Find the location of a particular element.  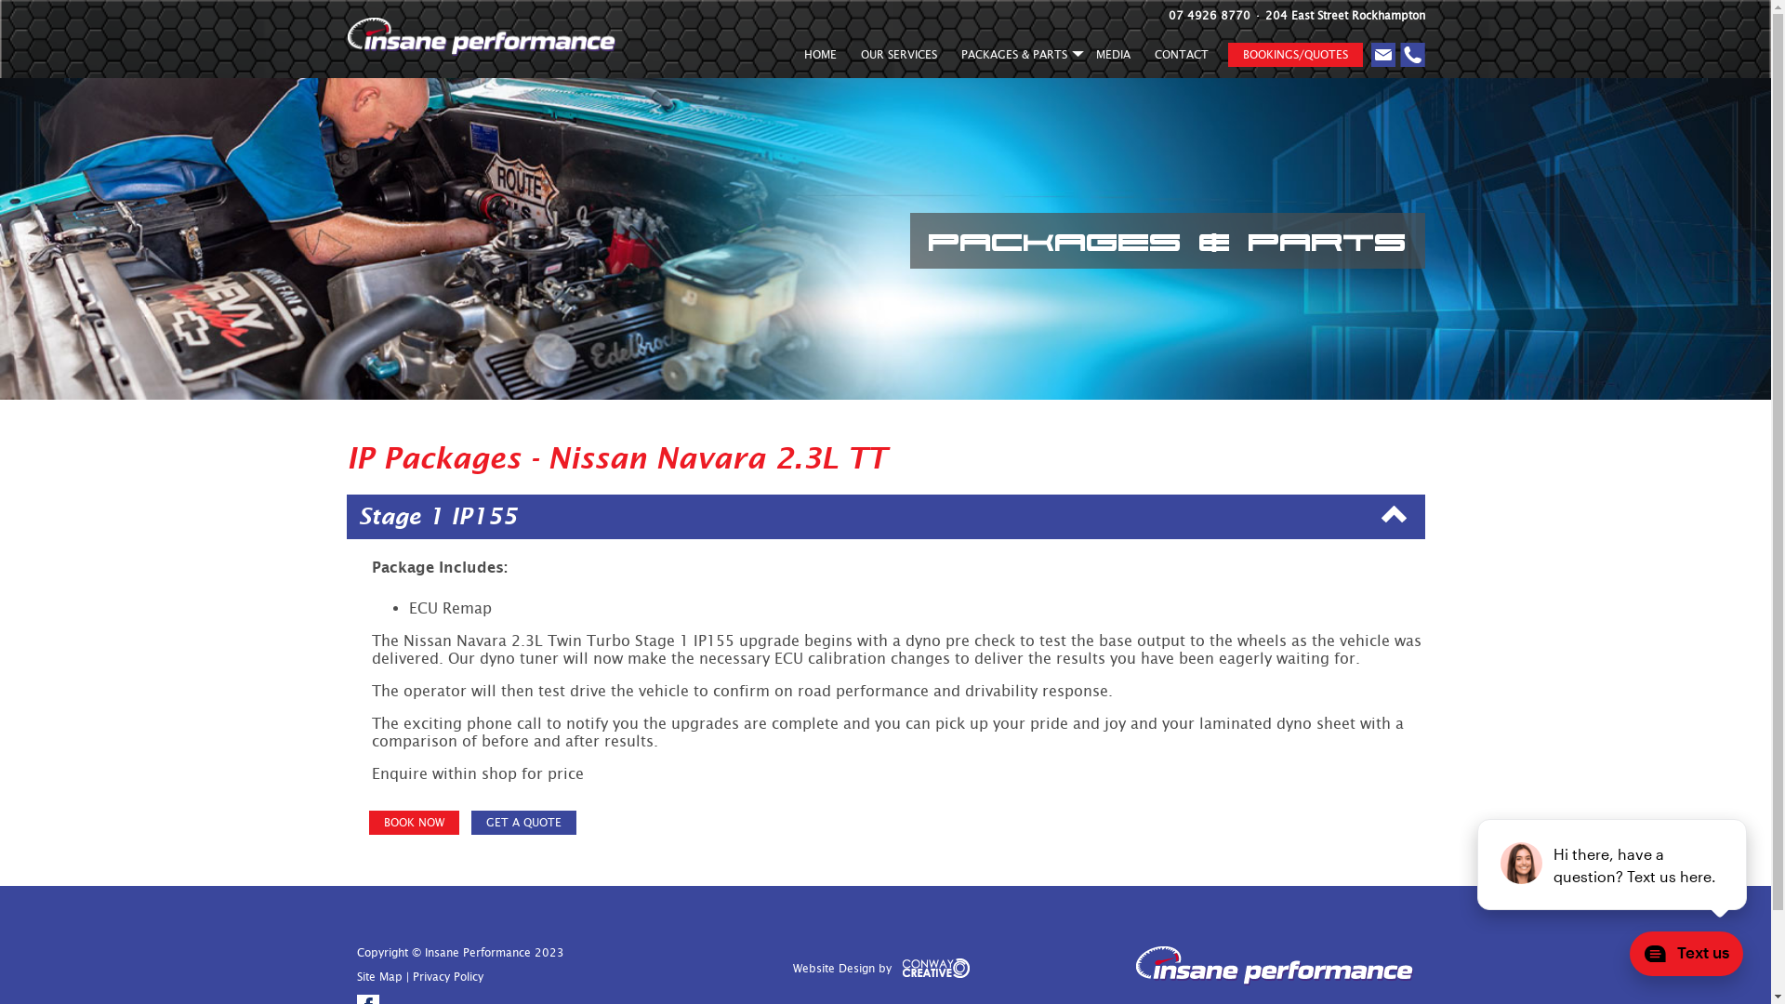

'PACKAGES & PARTS' is located at coordinates (1014, 57).